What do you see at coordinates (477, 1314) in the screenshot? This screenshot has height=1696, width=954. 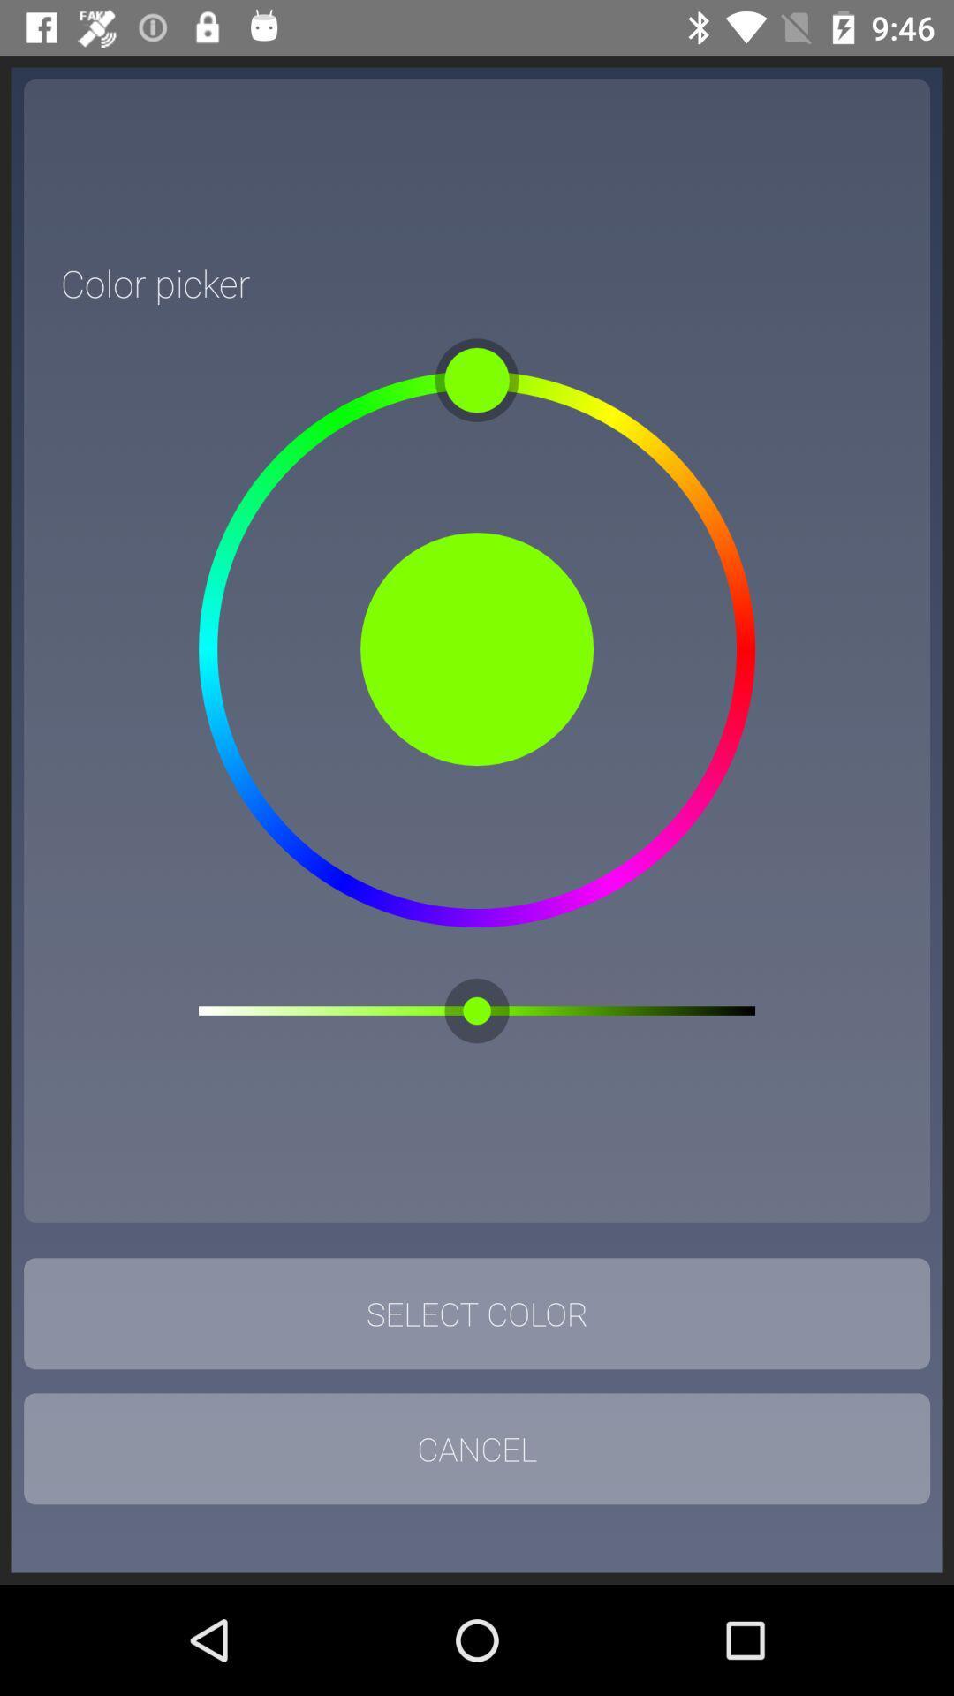 I see `icon above cancel` at bounding box center [477, 1314].